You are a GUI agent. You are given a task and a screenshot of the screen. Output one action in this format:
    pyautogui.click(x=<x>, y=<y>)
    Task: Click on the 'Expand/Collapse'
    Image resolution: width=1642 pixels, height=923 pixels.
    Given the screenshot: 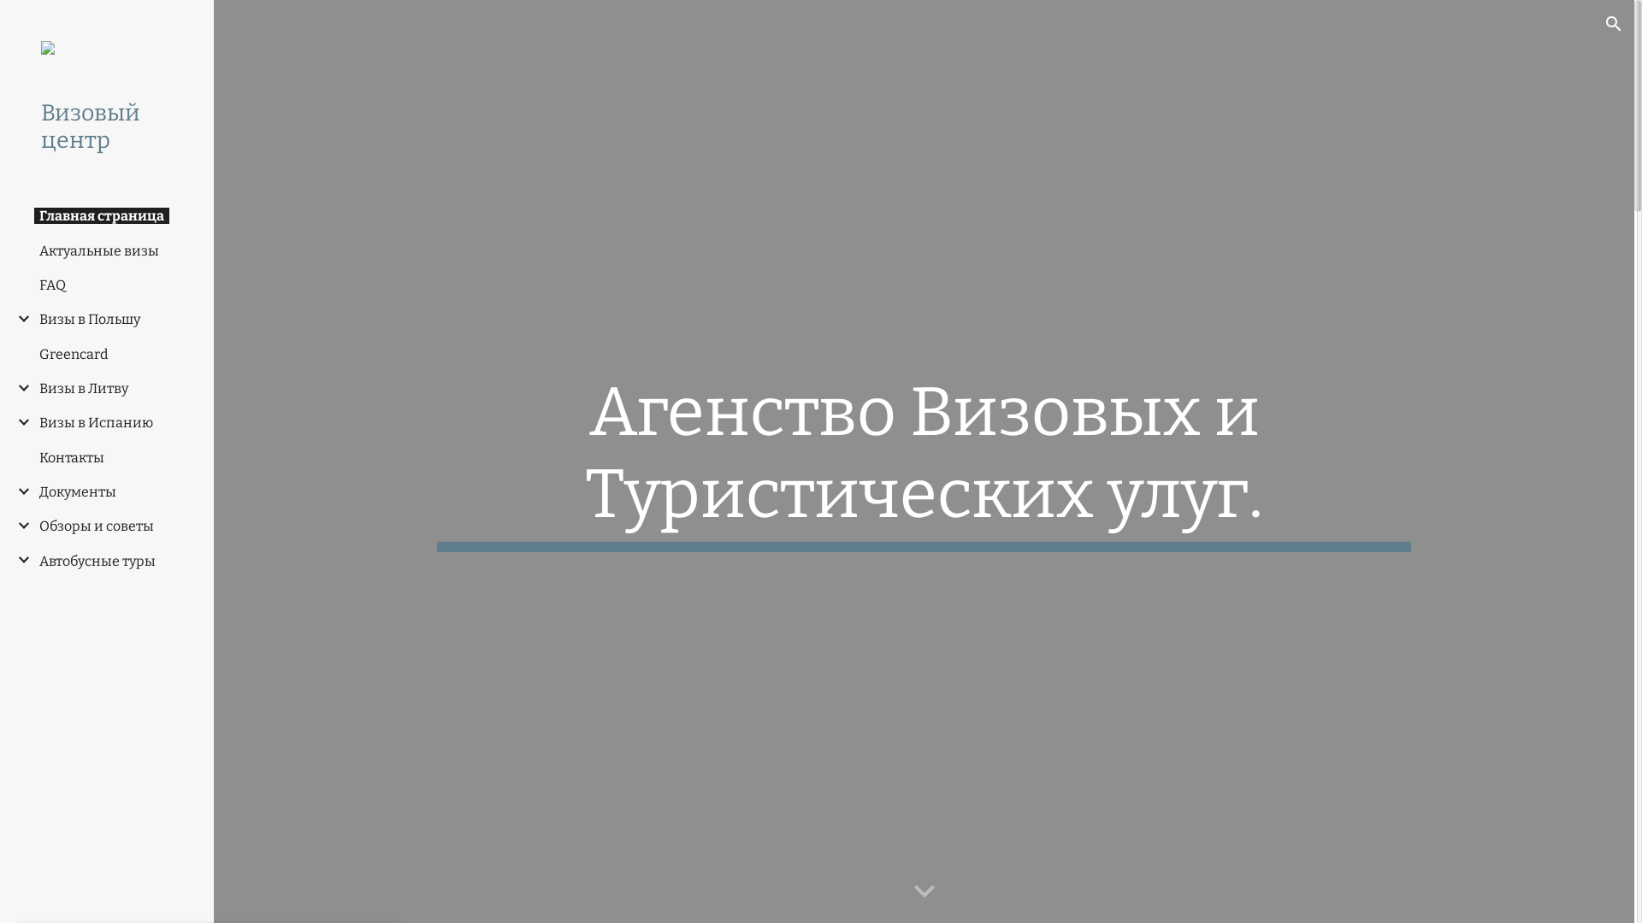 What is the action you would take?
    pyautogui.click(x=19, y=421)
    